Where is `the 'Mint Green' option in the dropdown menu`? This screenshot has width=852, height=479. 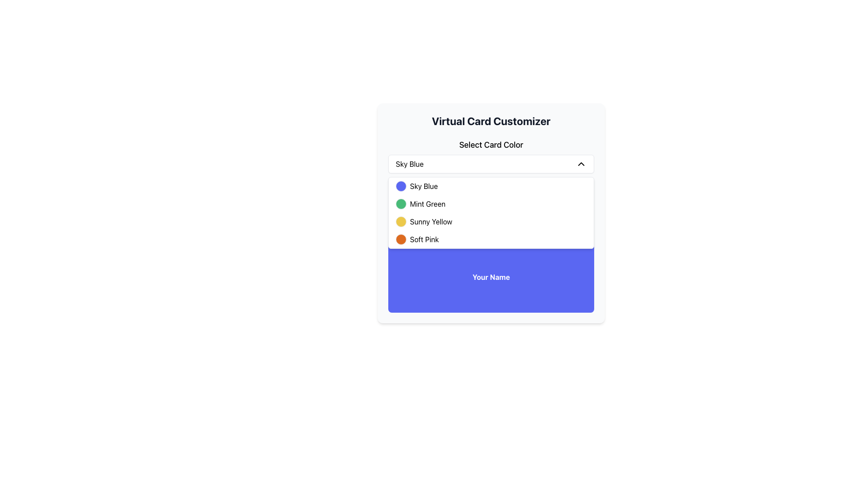 the 'Mint Green' option in the dropdown menu is located at coordinates (428, 204).